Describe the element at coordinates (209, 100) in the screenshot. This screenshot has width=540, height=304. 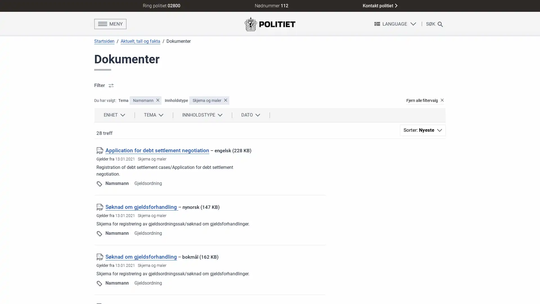
I see `Skjema og maler Fjern filter` at that location.